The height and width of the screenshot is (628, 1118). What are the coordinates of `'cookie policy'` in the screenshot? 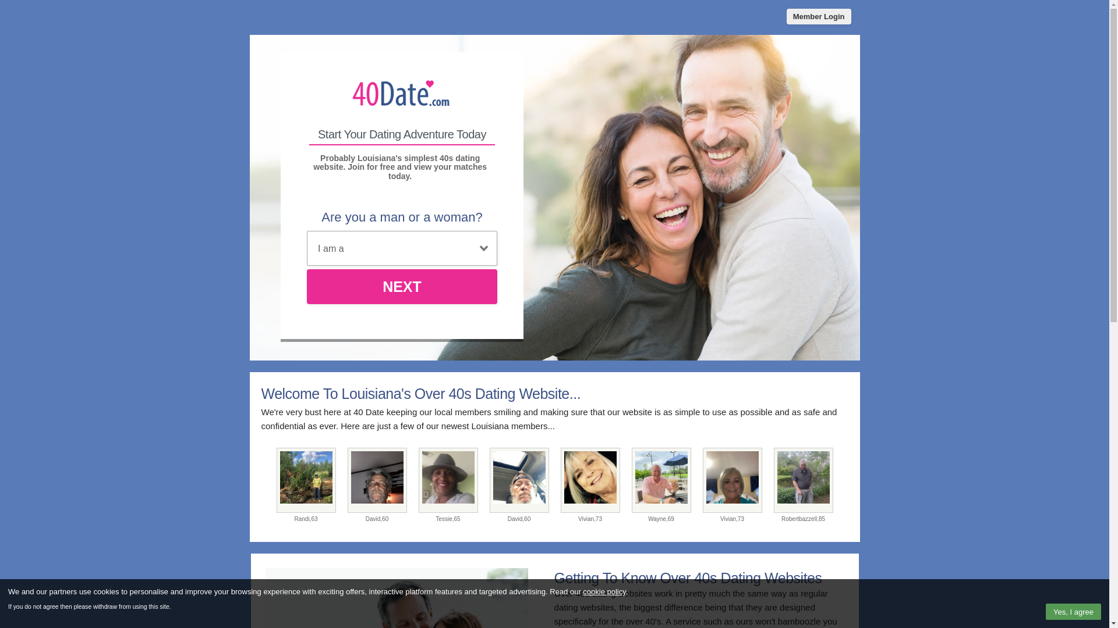 It's located at (604, 591).